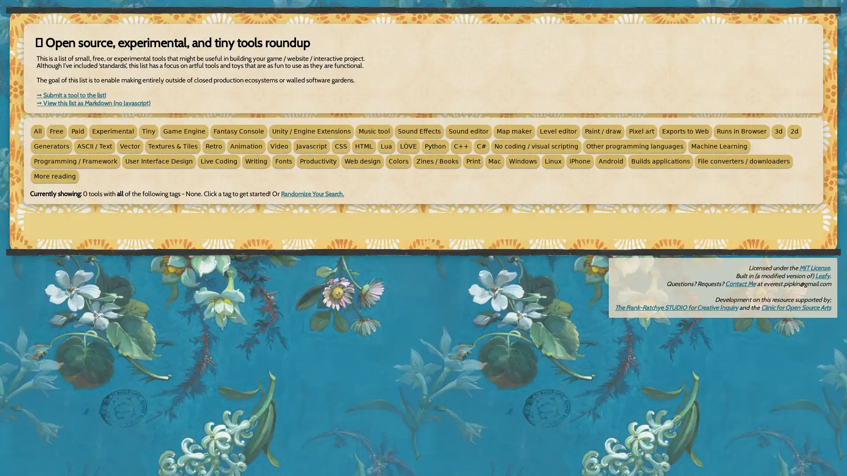  I want to click on Builds applications, so click(660, 161).